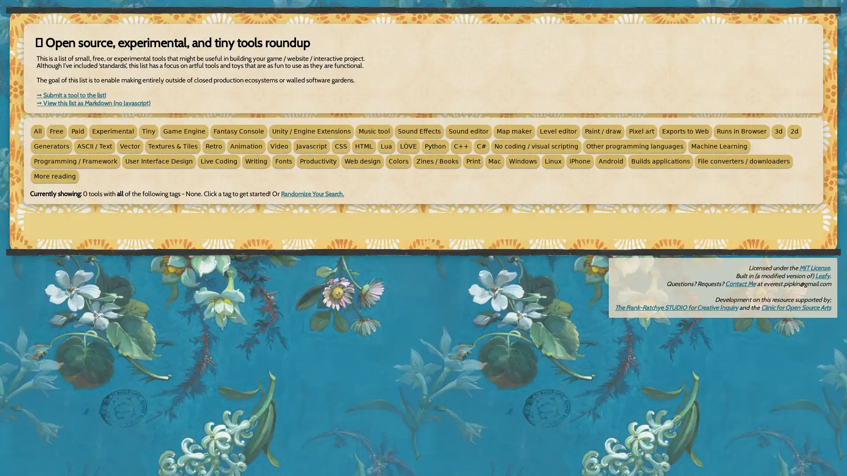  I want to click on Builds applications, so click(660, 161).